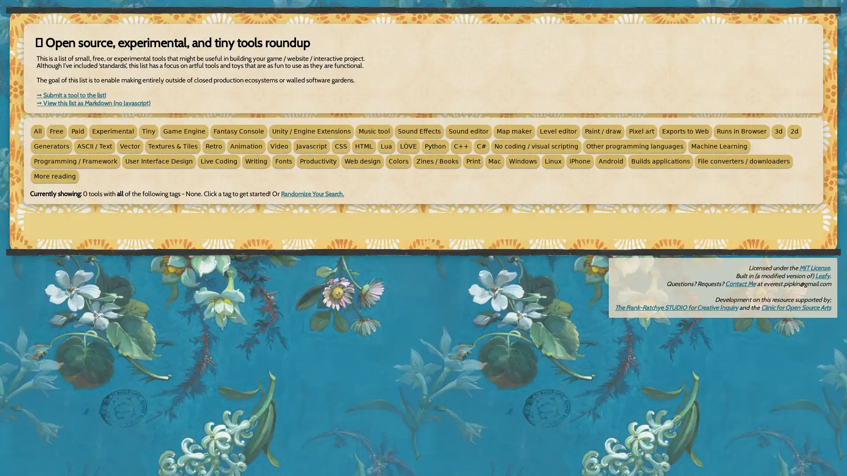  I want to click on Builds applications, so click(660, 161).